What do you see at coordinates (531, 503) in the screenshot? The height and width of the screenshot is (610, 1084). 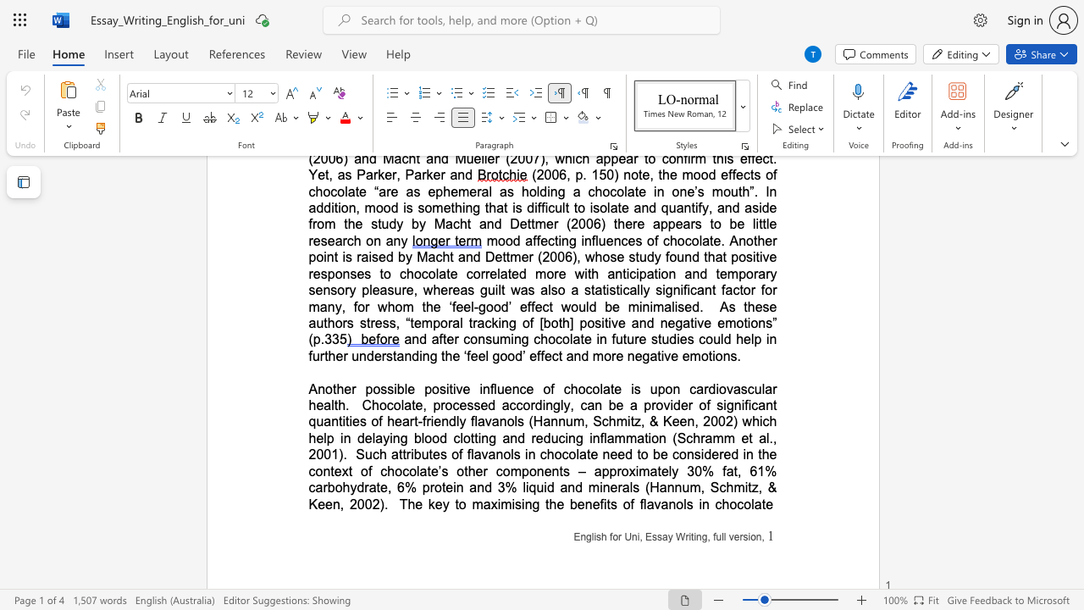 I see `the space between the continuous character "n" and "g" in the text` at bounding box center [531, 503].